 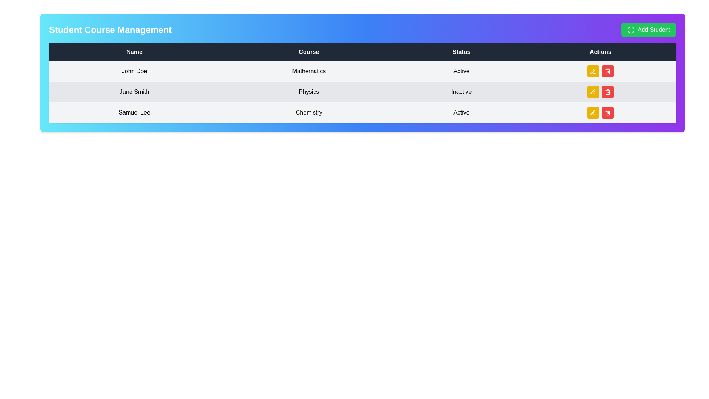 I want to click on the edit button in the 'Actions' column of the last row for 'Samuel Lee', so click(x=593, y=112).